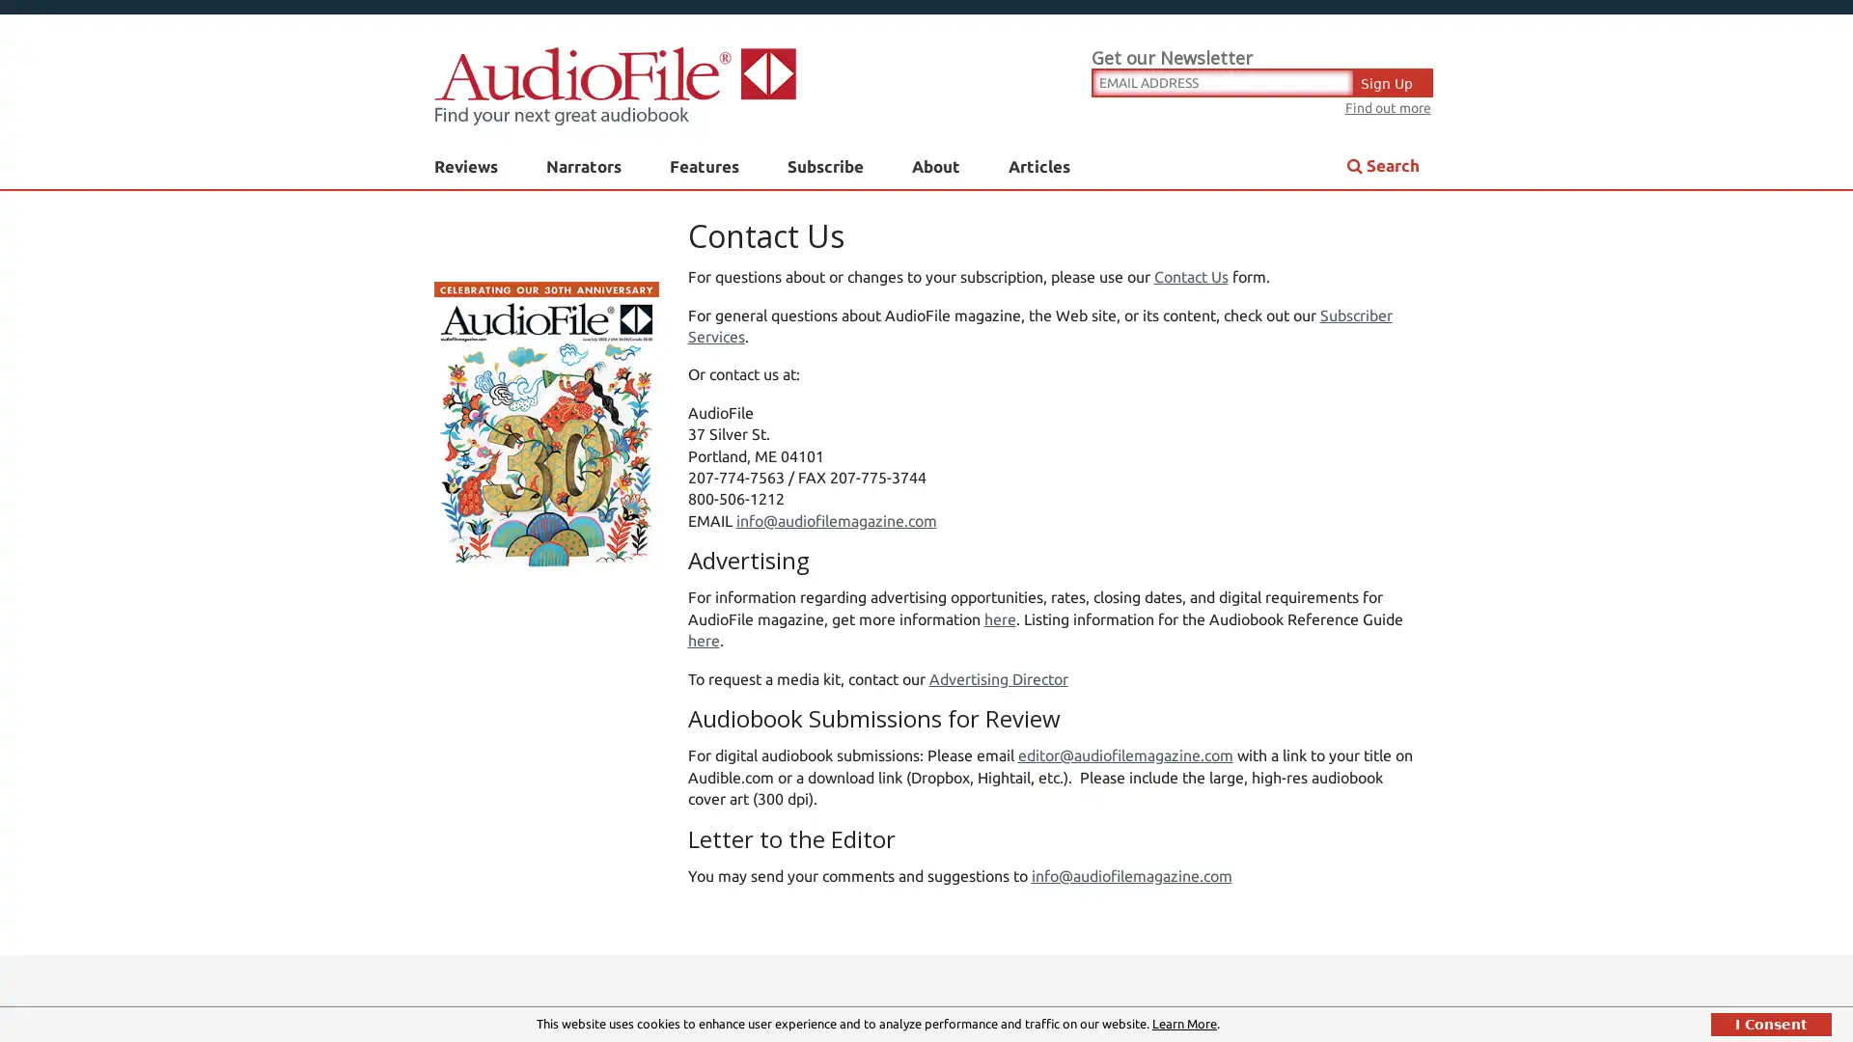 This screenshot has height=1042, width=1853. I want to click on Sign Up, so click(1394, 80).